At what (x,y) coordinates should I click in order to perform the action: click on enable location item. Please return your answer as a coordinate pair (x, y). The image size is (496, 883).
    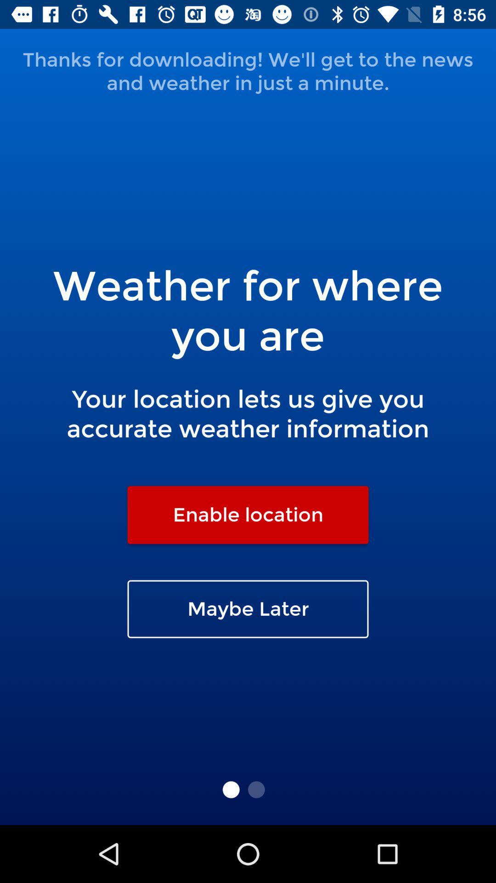
    Looking at the image, I should click on (248, 514).